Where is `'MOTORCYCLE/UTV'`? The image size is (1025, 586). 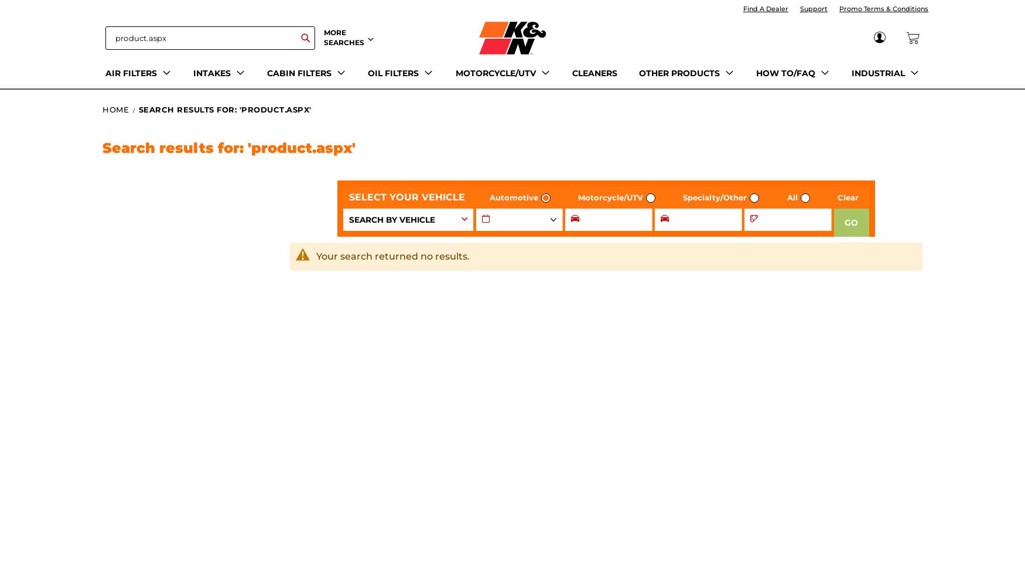
'MOTORCYCLE/UTV' is located at coordinates (455, 72).